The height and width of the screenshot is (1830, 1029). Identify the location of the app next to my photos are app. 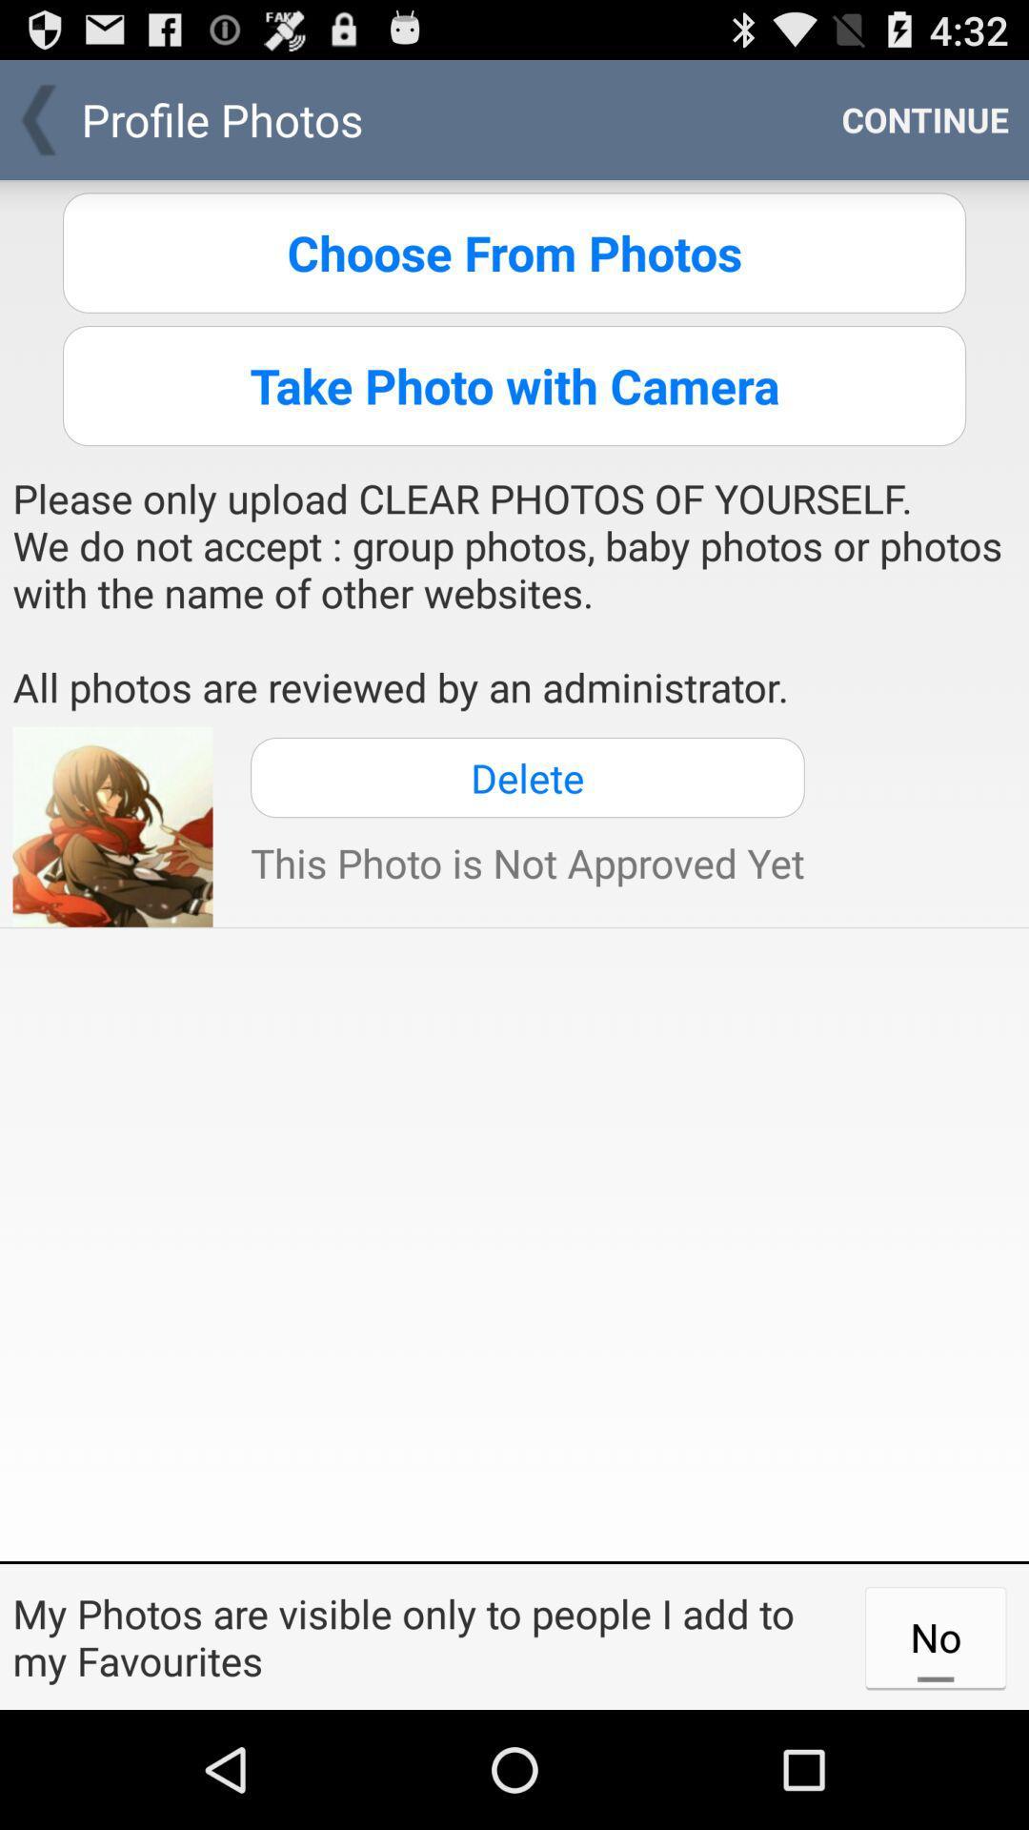
(935, 1636).